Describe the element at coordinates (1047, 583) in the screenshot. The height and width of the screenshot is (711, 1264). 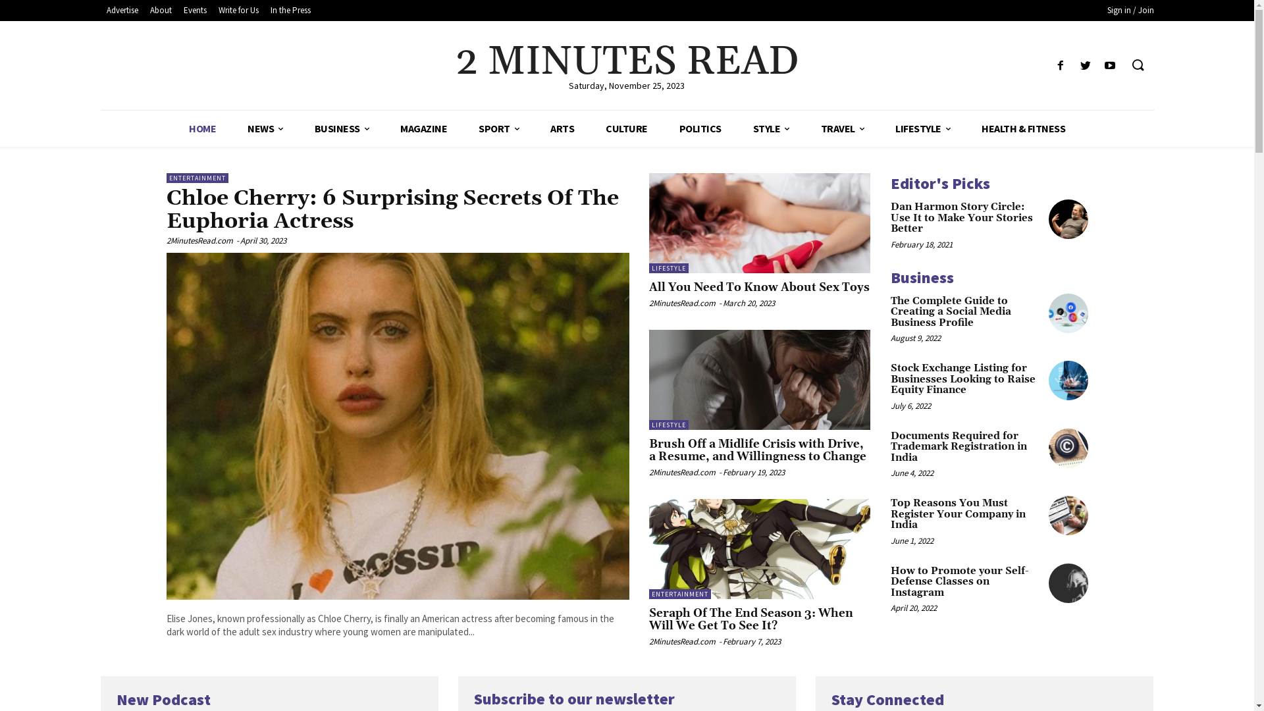
I see `'How to Promote your Self-Defense Classes on Instagram'` at that location.